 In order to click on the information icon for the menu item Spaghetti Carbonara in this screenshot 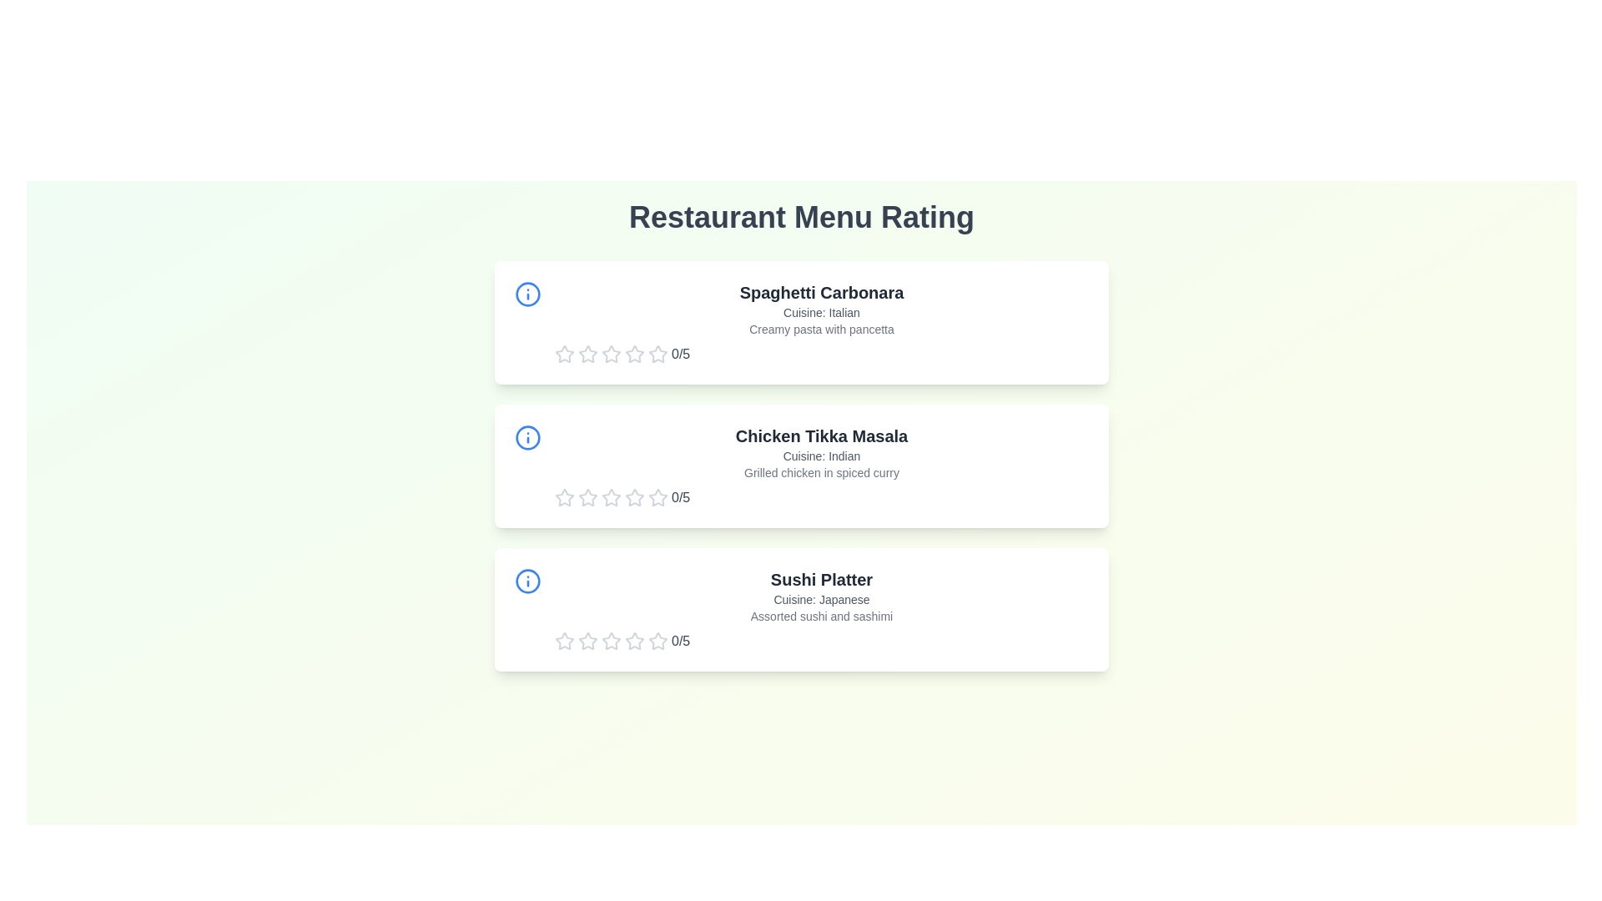, I will do `click(527, 294)`.